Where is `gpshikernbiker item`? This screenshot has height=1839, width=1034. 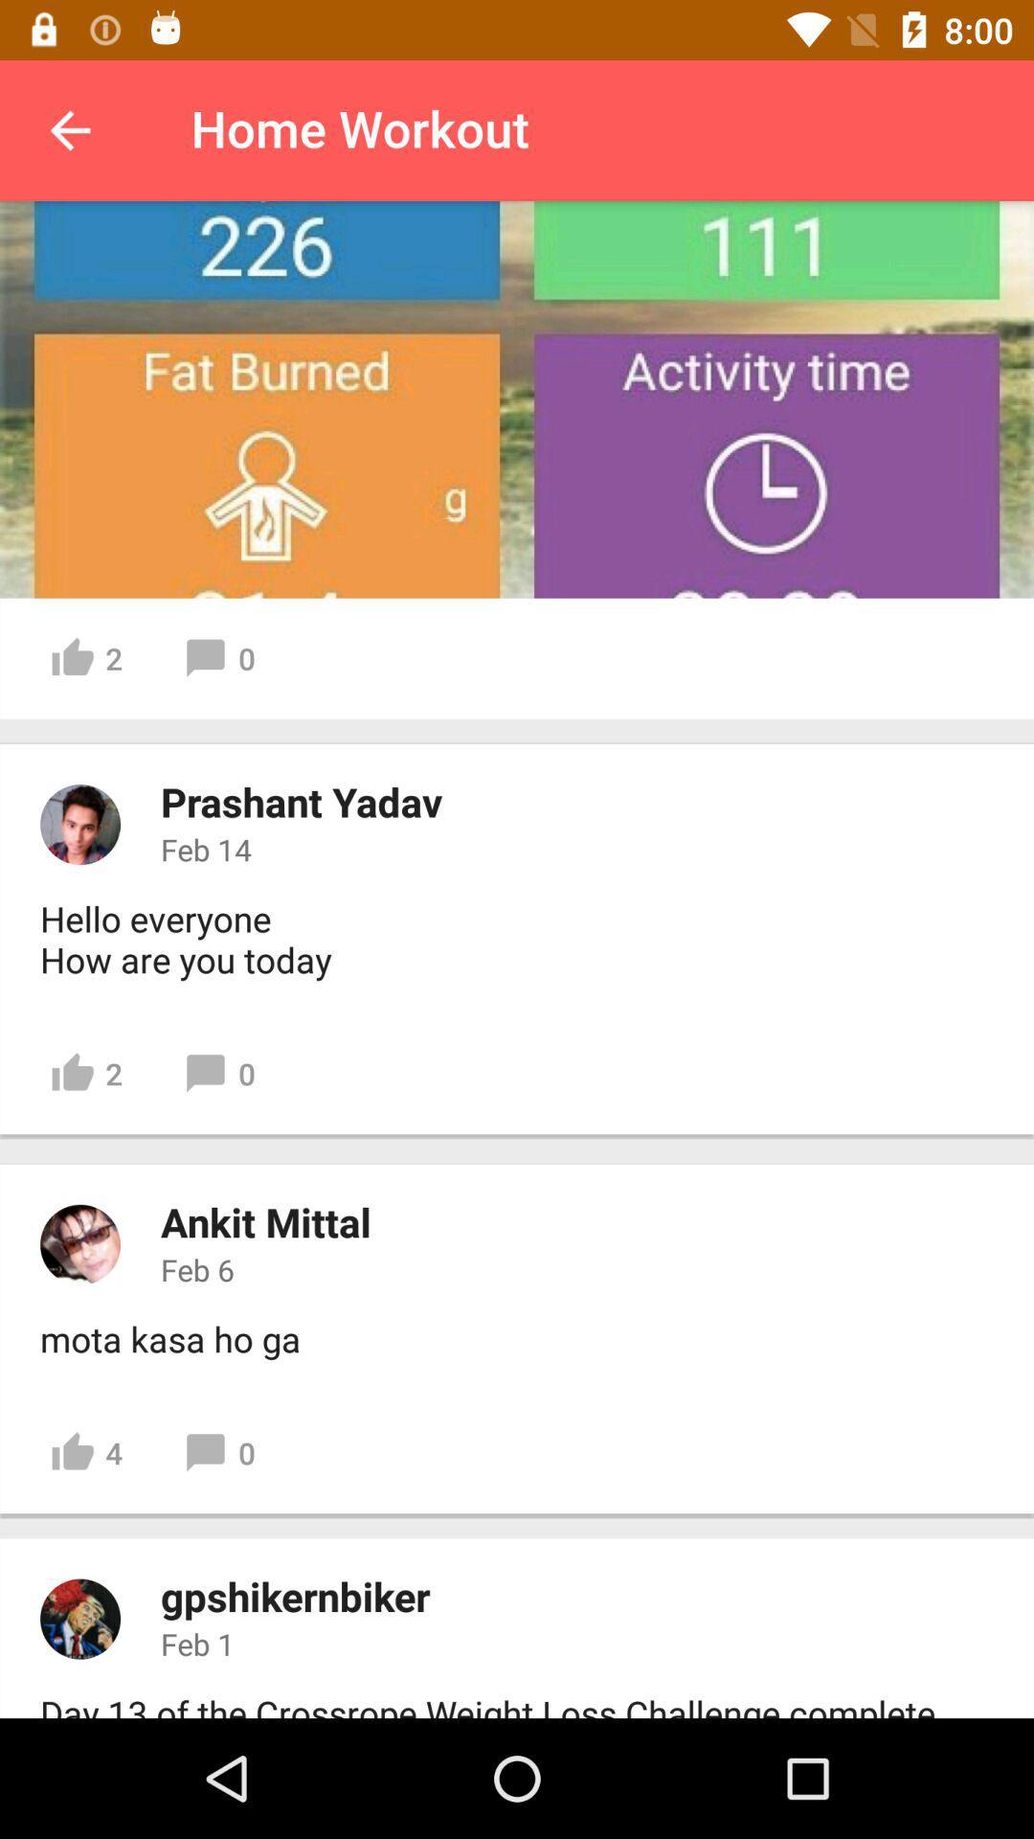
gpshikernbiker item is located at coordinates (295, 1596).